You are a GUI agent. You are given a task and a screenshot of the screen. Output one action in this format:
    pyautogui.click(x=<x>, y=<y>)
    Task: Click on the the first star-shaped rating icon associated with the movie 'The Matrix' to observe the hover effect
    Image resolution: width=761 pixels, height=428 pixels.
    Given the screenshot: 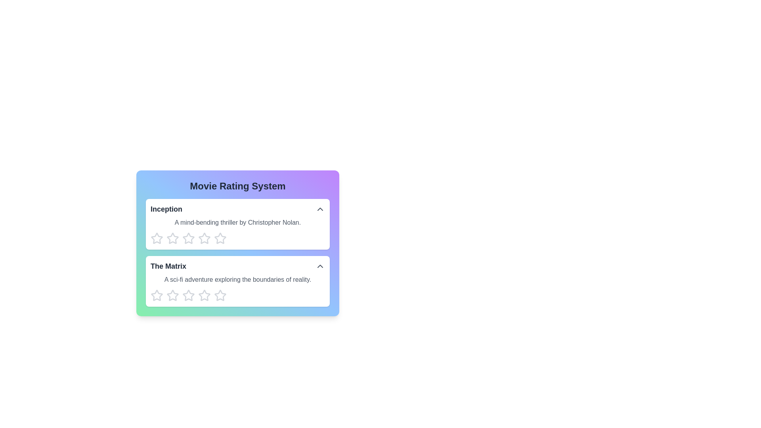 What is the action you would take?
    pyautogui.click(x=157, y=295)
    